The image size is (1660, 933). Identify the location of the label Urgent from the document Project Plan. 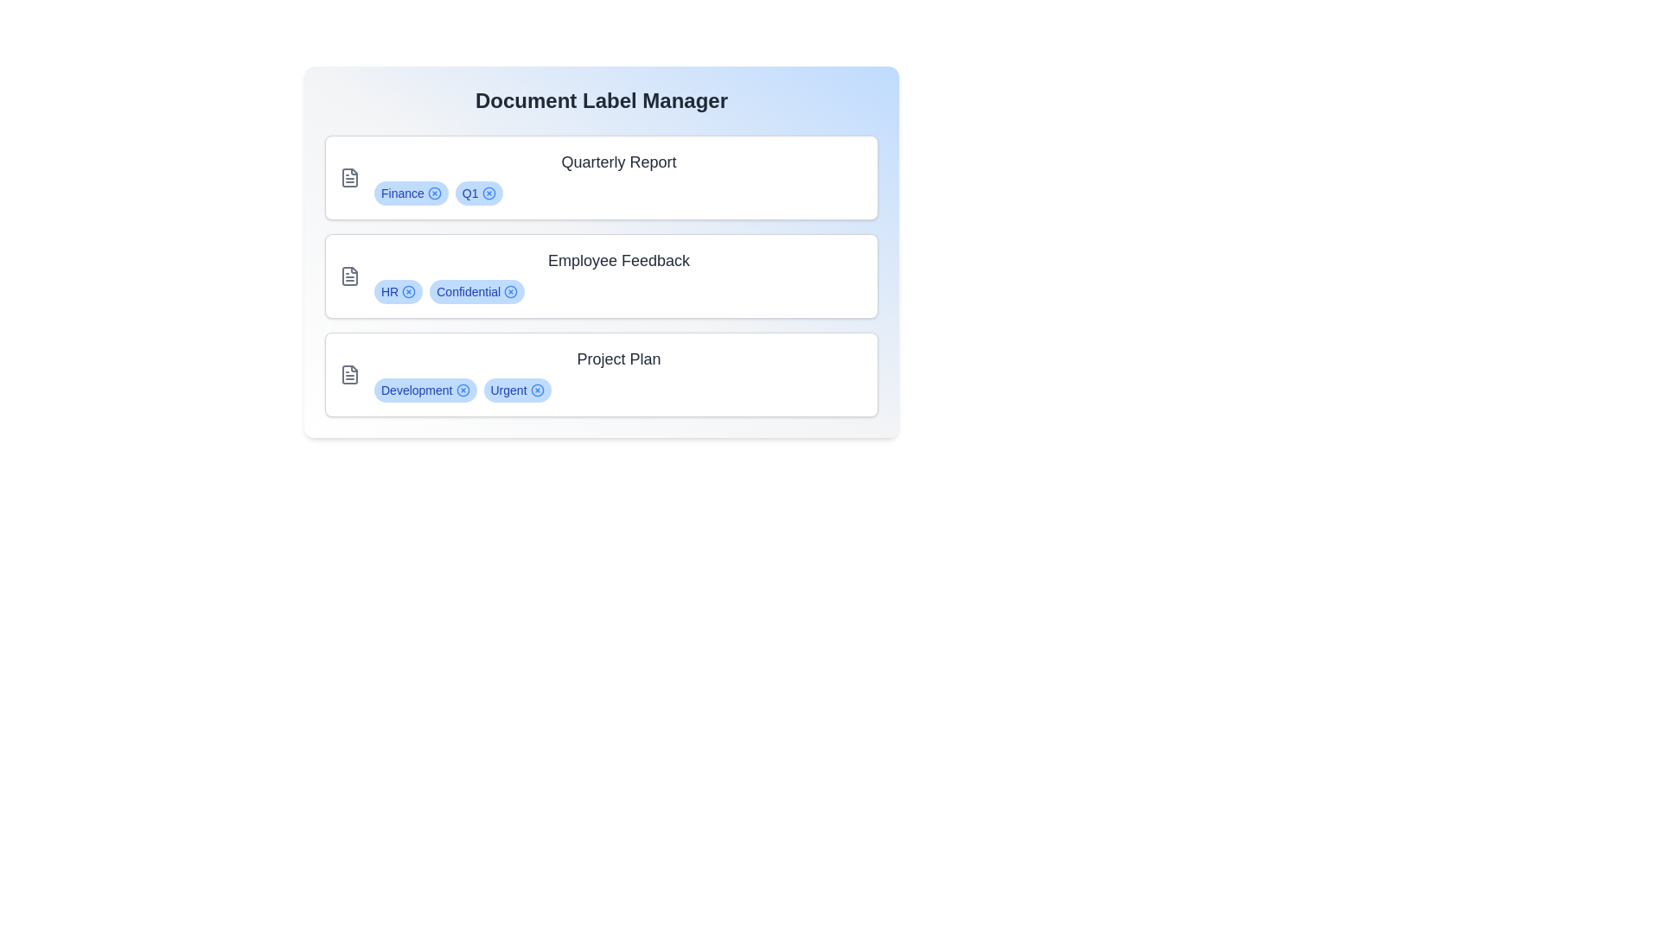
(535, 390).